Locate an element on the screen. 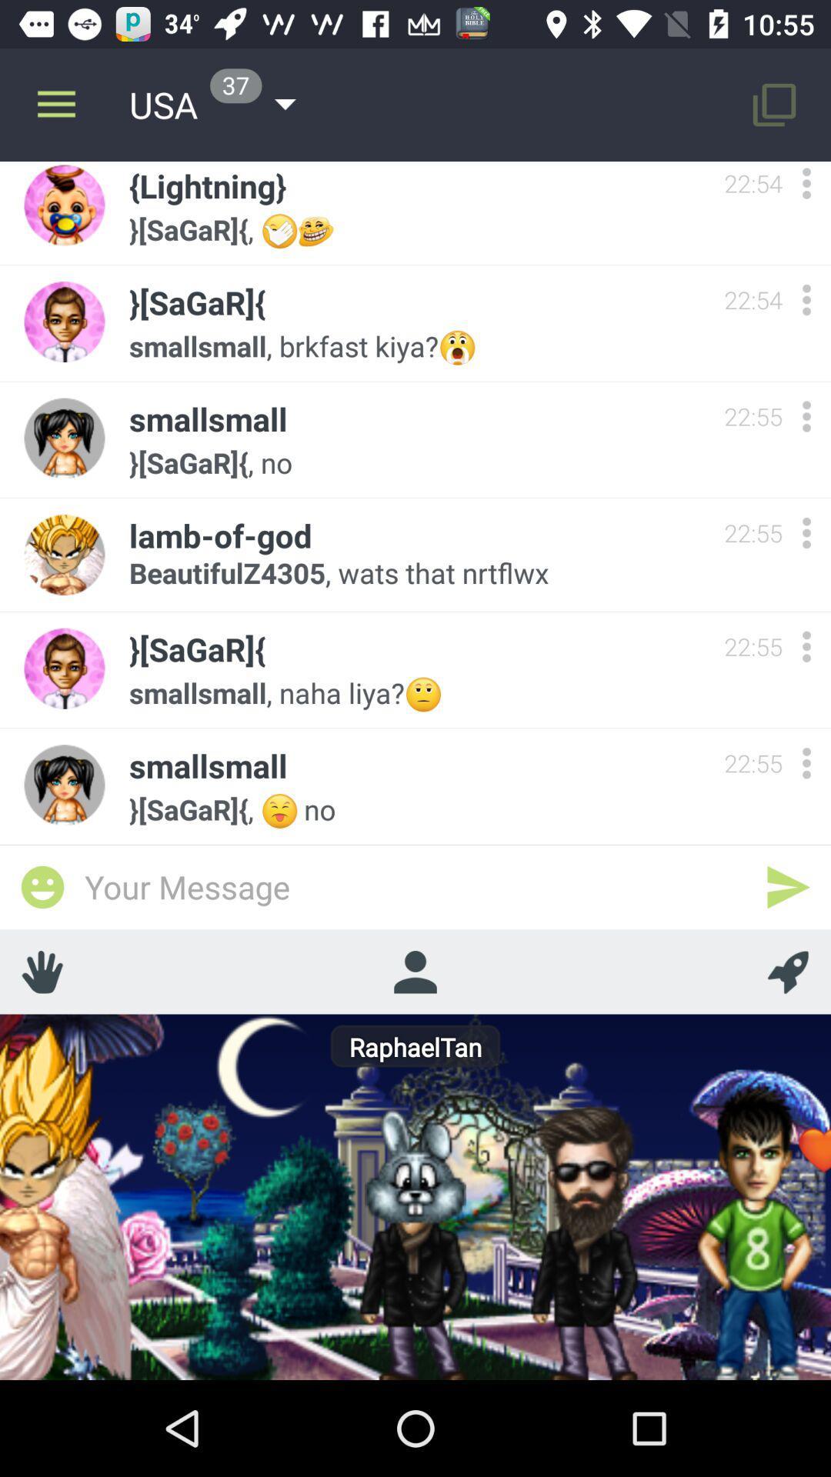 The height and width of the screenshot is (1477, 831). the send icon is located at coordinates (788, 887).